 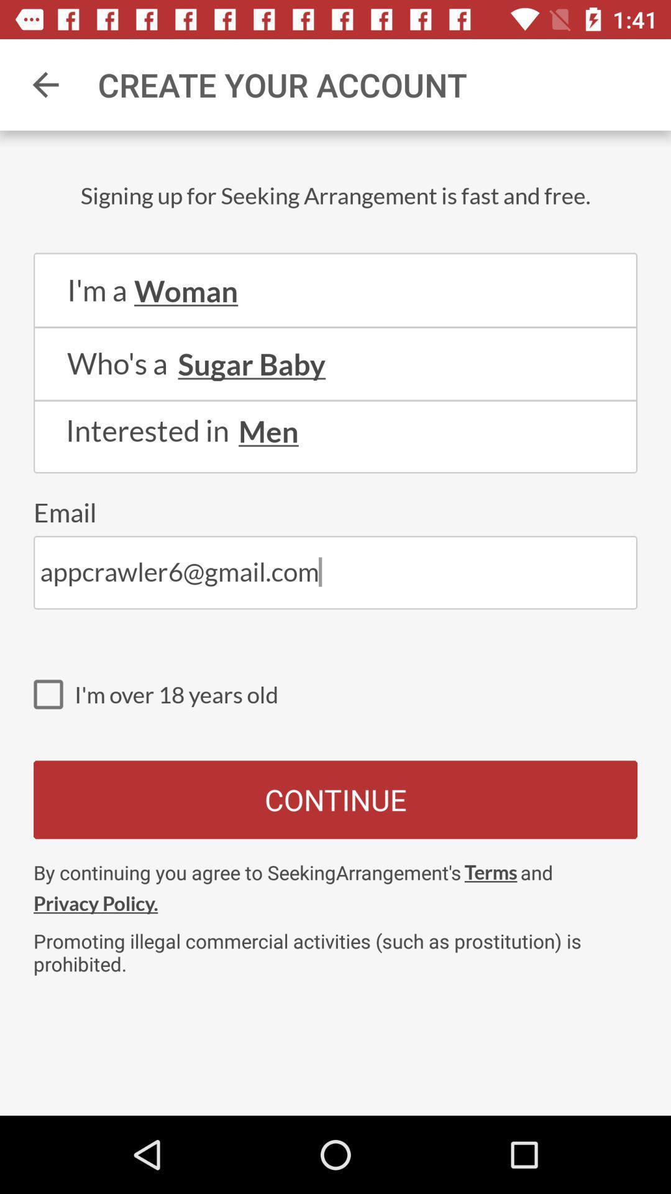 What do you see at coordinates (95, 903) in the screenshot?
I see `the icon to the left of terms item` at bounding box center [95, 903].